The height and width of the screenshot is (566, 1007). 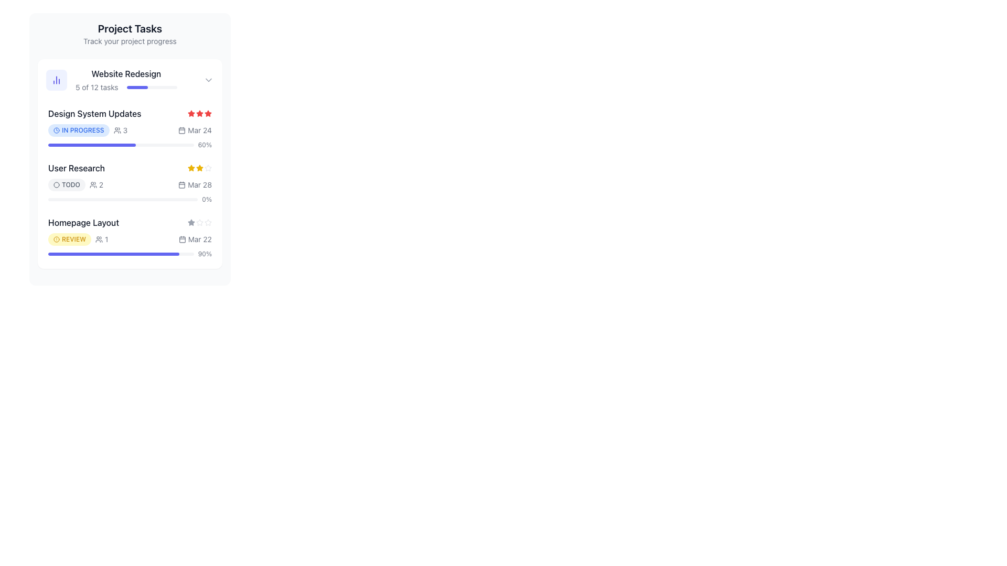 What do you see at coordinates (130, 254) in the screenshot?
I see `progress percentage displayed on the progress bar, which indicates 90% completion, located at the bottom of the 'Homepage Layout' card` at bounding box center [130, 254].